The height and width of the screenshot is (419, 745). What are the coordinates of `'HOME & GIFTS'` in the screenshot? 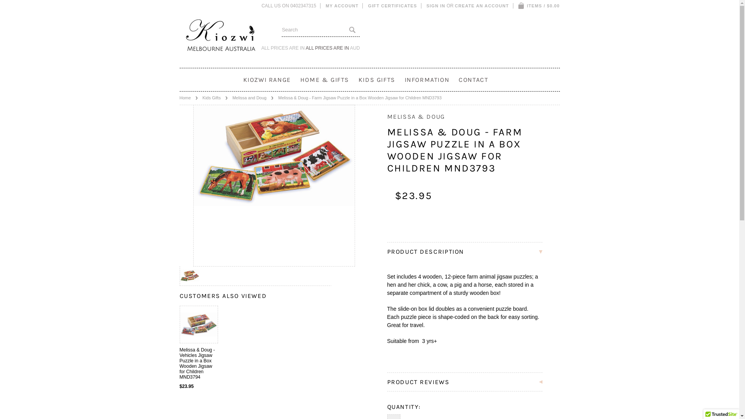 It's located at (324, 80).